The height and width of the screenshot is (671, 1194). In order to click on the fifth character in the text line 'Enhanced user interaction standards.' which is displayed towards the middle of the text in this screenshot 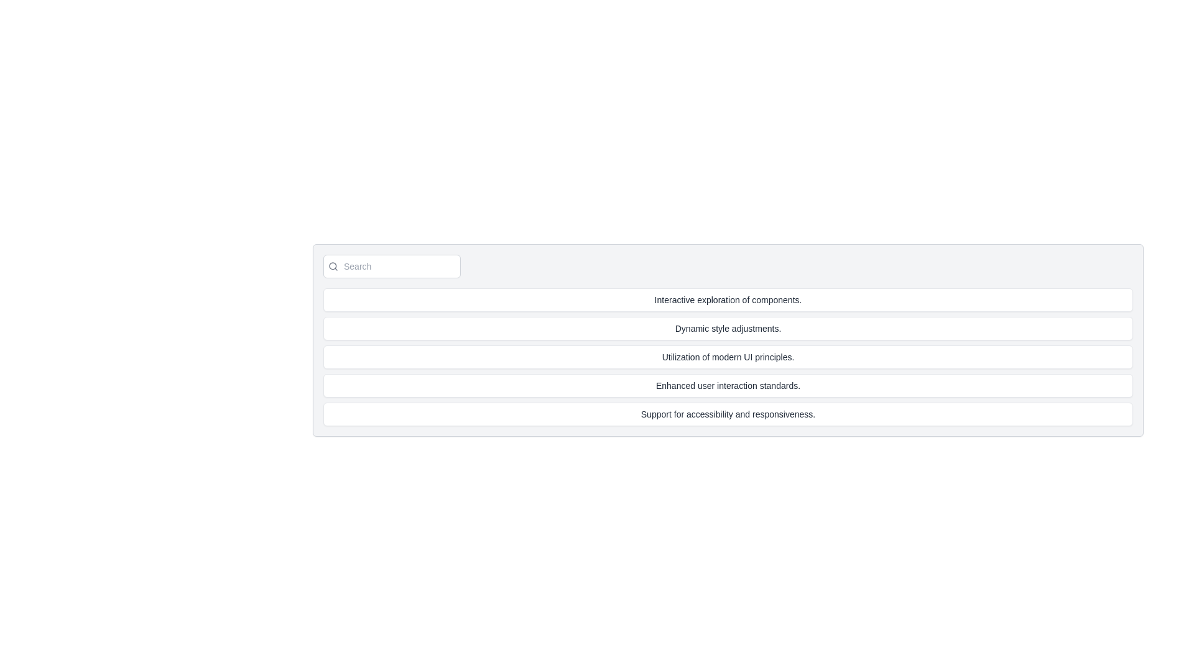, I will do `click(668, 385)`.